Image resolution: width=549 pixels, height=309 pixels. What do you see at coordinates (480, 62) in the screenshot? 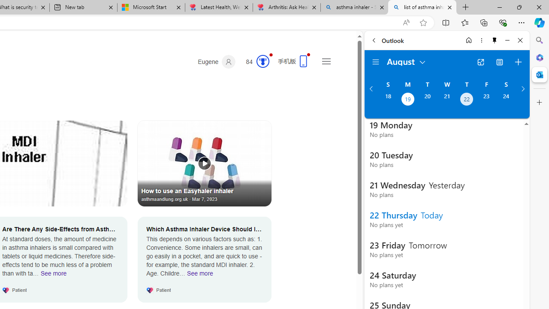
I see `'Open in new tab'` at bounding box center [480, 62].